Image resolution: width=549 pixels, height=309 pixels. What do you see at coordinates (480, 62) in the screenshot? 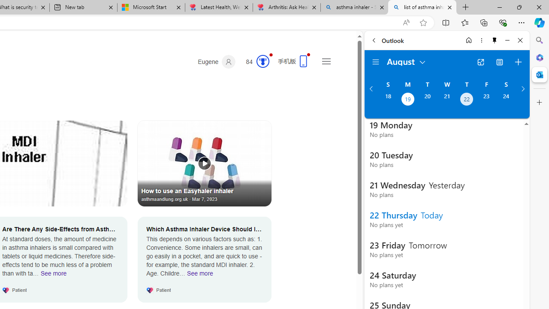
I see `'Open in new tab'` at bounding box center [480, 62].